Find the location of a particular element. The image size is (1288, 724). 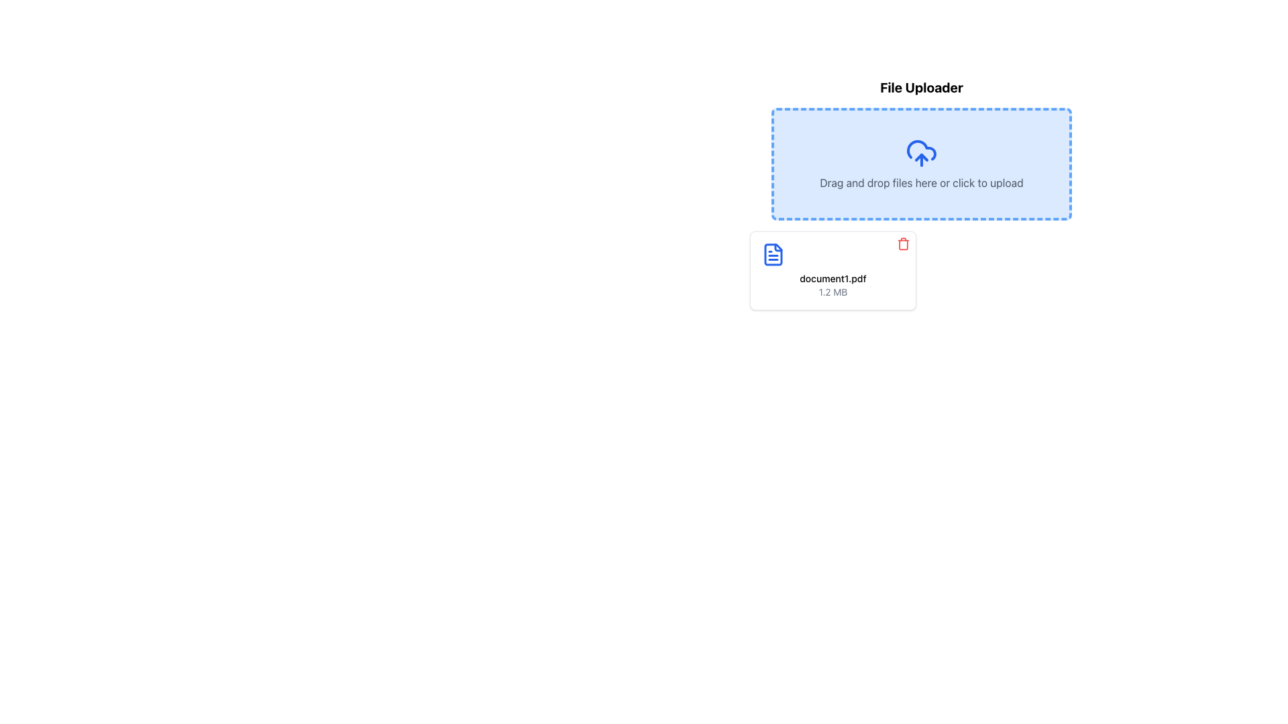

the blue file icon styled as an outlined document, which is located above the text 'document1.pdf' and '1.2 MB' within a white rectangular card is located at coordinates (773, 255).